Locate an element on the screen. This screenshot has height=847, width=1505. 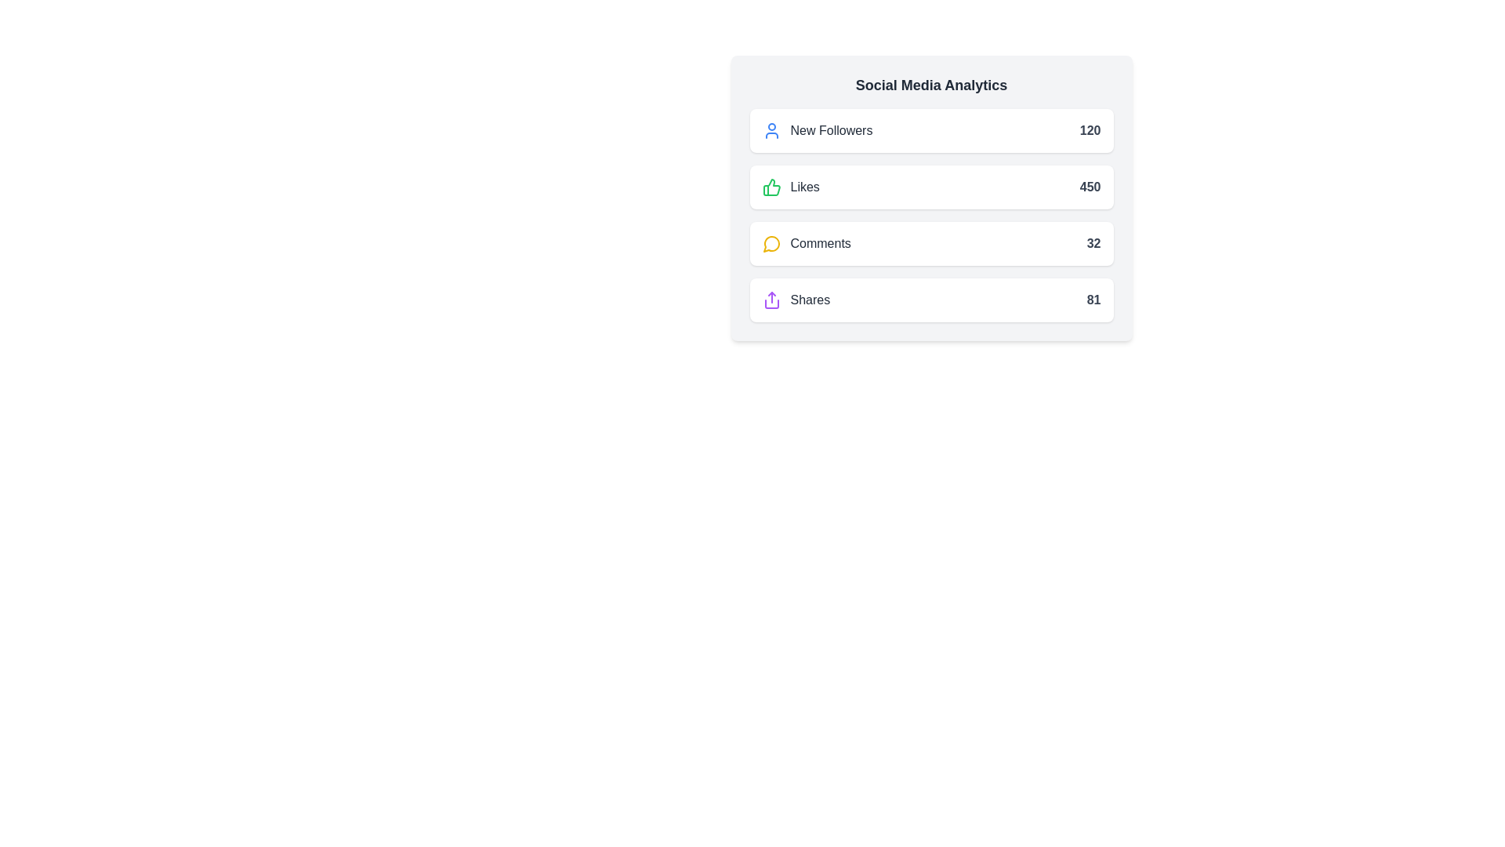
the likes count text in the 'Likes' section of the 'Social Media Analytics' card to possibly see additional details is located at coordinates (1090, 187).